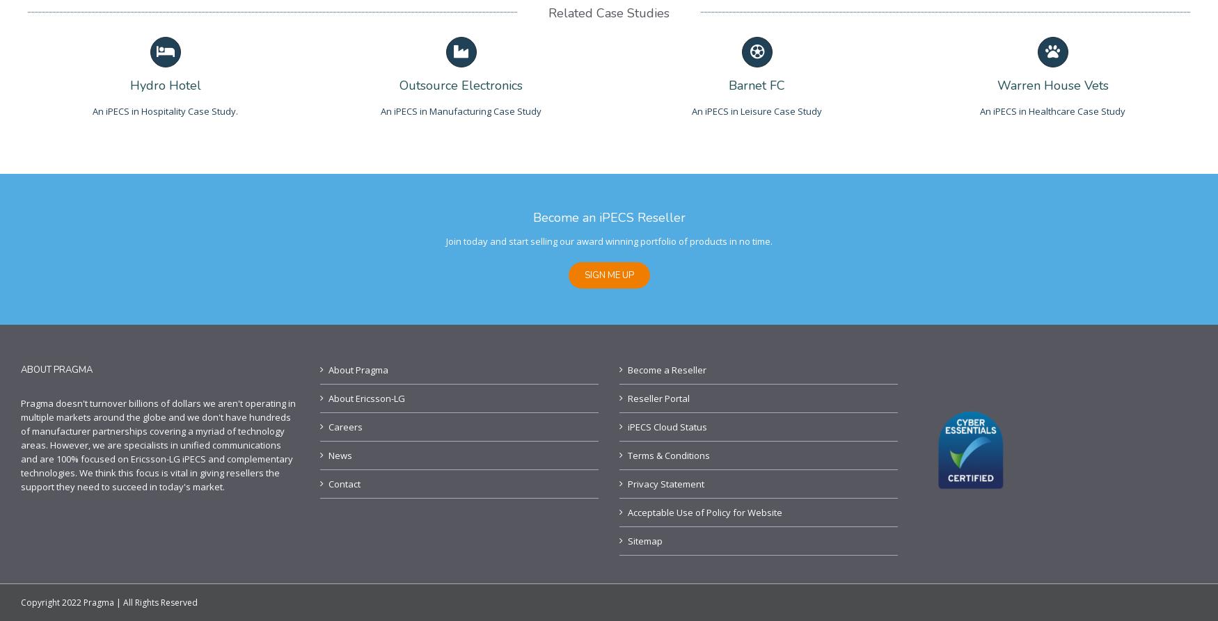 This screenshot has width=1218, height=621. What do you see at coordinates (340, 455) in the screenshot?
I see `'News'` at bounding box center [340, 455].